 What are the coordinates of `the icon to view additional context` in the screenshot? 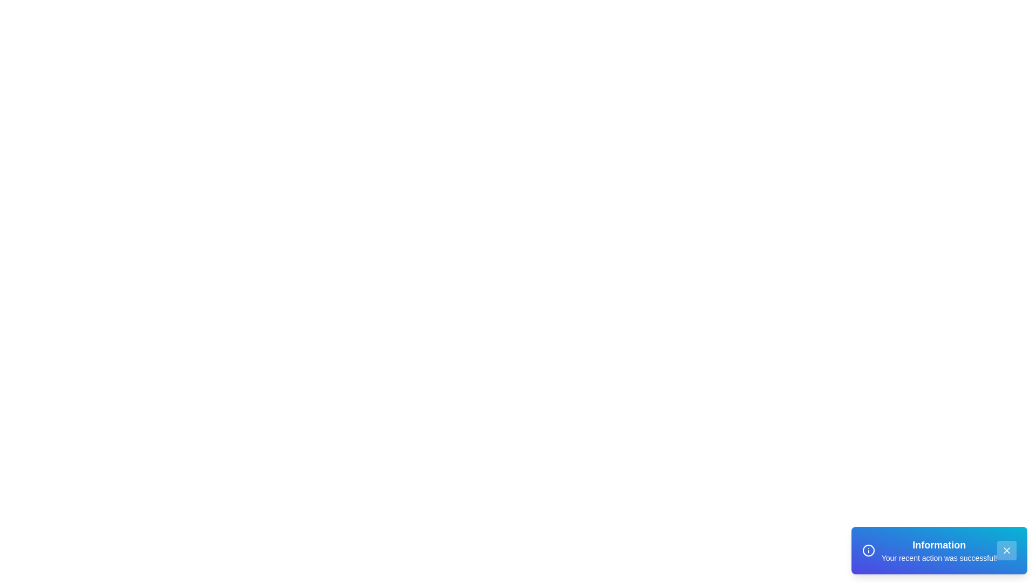 It's located at (868, 550).